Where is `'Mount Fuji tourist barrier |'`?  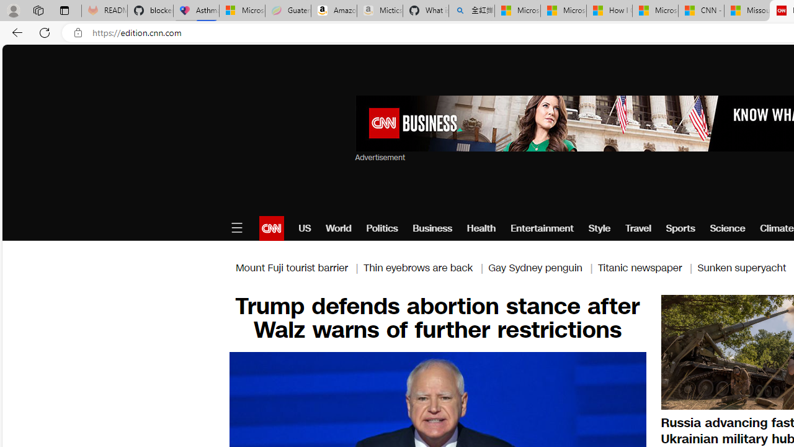
'Mount Fuji tourist barrier |' is located at coordinates (299, 267).